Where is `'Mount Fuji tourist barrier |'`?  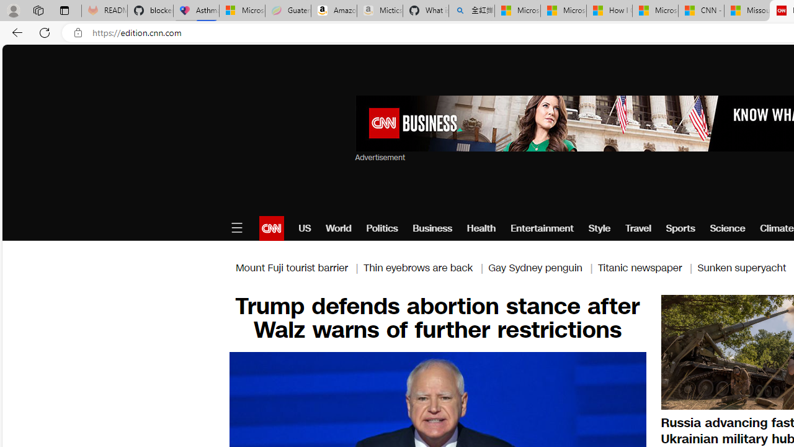
'Mount Fuji tourist barrier |' is located at coordinates (299, 267).